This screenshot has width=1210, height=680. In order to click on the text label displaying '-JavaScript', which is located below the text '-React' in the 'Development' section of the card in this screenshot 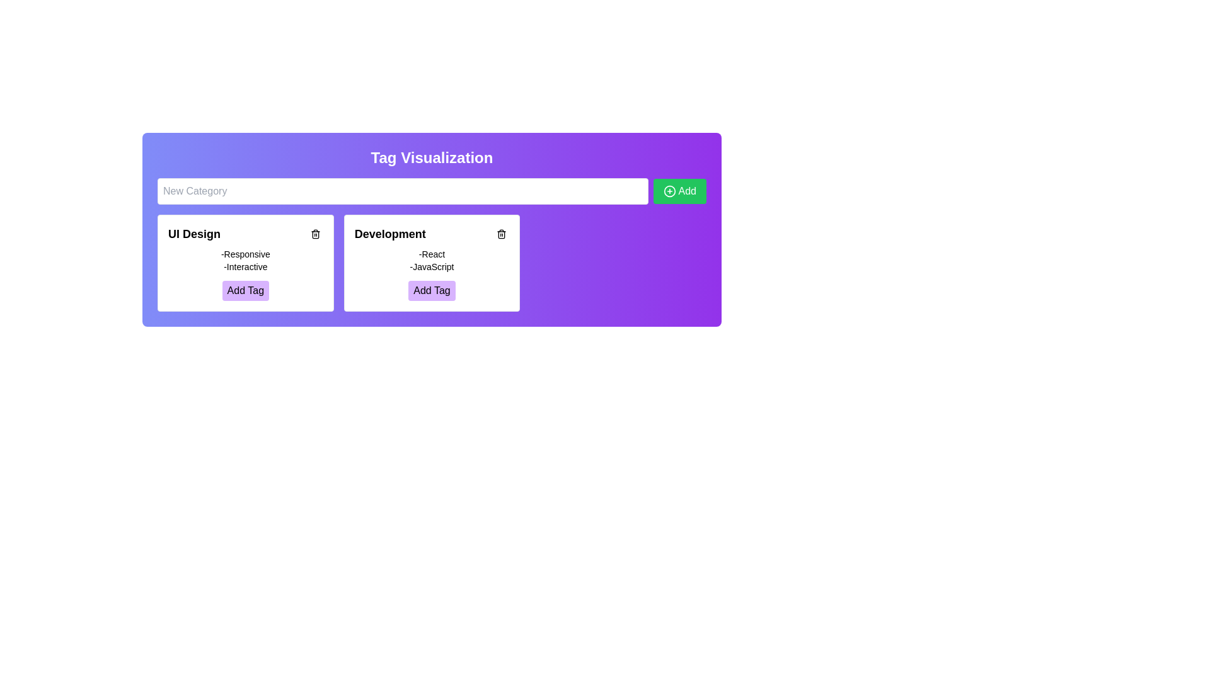, I will do `click(432, 266)`.